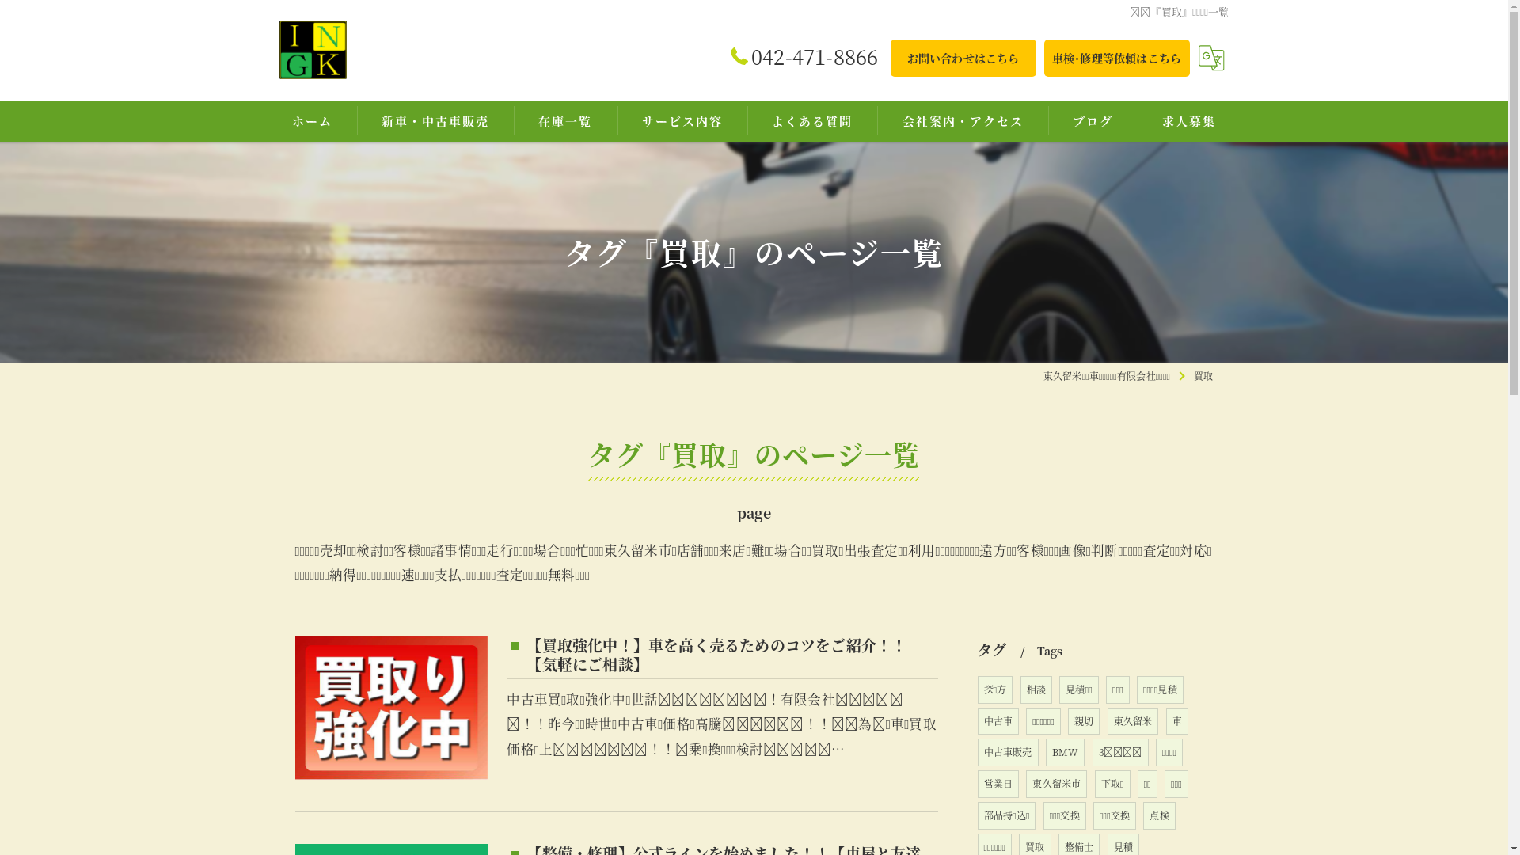  I want to click on 'BMW', so click(1065, 751).